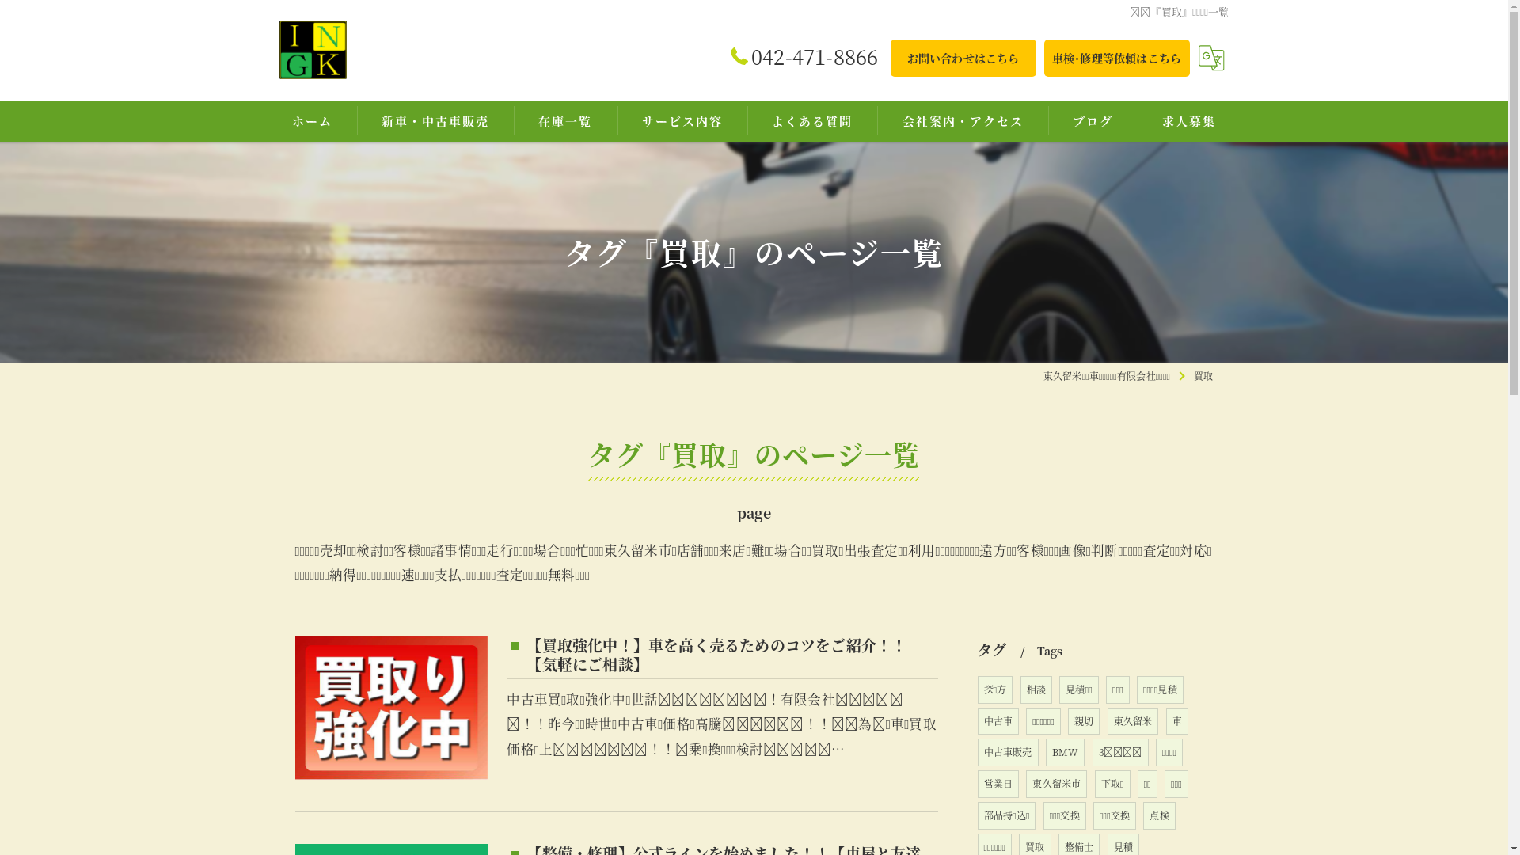  I want to click on 'BMW', so click(1065, 751).